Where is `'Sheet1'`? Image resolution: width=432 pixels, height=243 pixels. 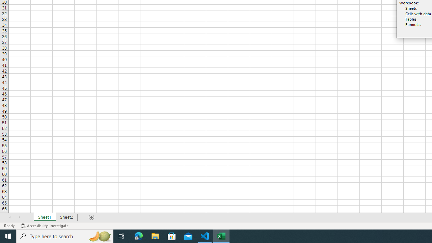 'Sheet1' is located at coordinates (44, 217).